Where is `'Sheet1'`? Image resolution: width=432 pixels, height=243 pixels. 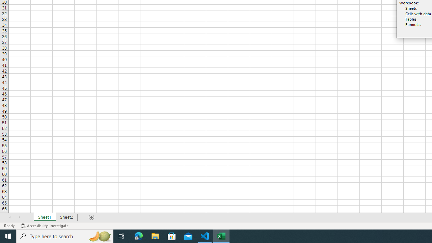 'Sheet1' is located at coordinates (44, 217).